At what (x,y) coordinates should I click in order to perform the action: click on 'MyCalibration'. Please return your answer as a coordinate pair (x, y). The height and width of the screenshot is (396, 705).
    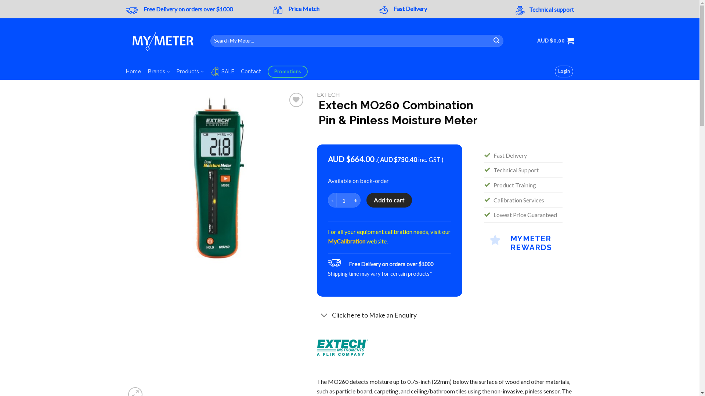
    Looking at the image, I should click on (346, 241).